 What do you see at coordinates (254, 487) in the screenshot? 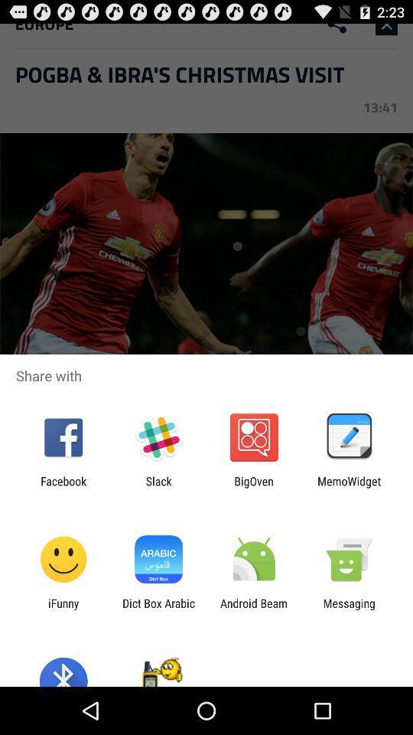
I see `the item next to the memowidget` at bounding box center [254, 487].